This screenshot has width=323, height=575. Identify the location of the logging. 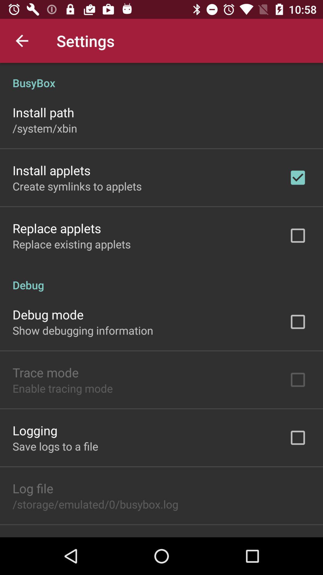
(35, 430).